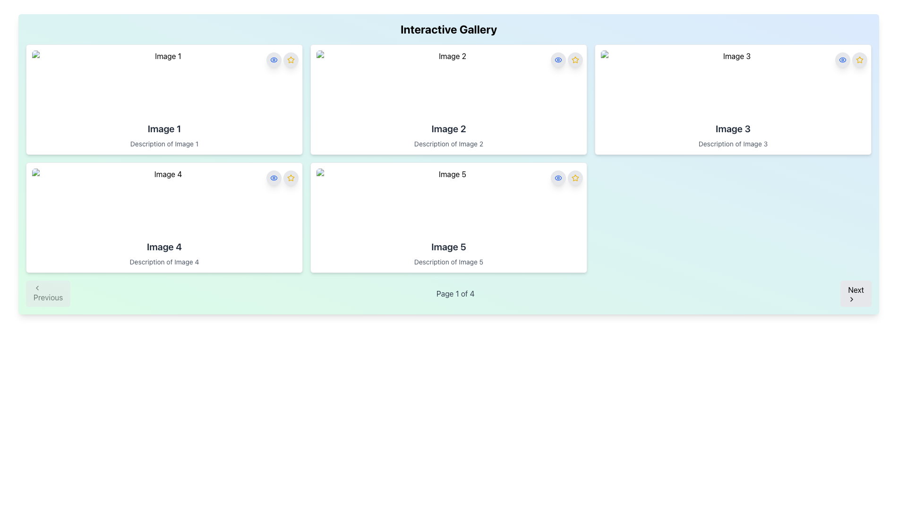  I want to click on the Text content area that provides information about Image 4, so click(164, 253).